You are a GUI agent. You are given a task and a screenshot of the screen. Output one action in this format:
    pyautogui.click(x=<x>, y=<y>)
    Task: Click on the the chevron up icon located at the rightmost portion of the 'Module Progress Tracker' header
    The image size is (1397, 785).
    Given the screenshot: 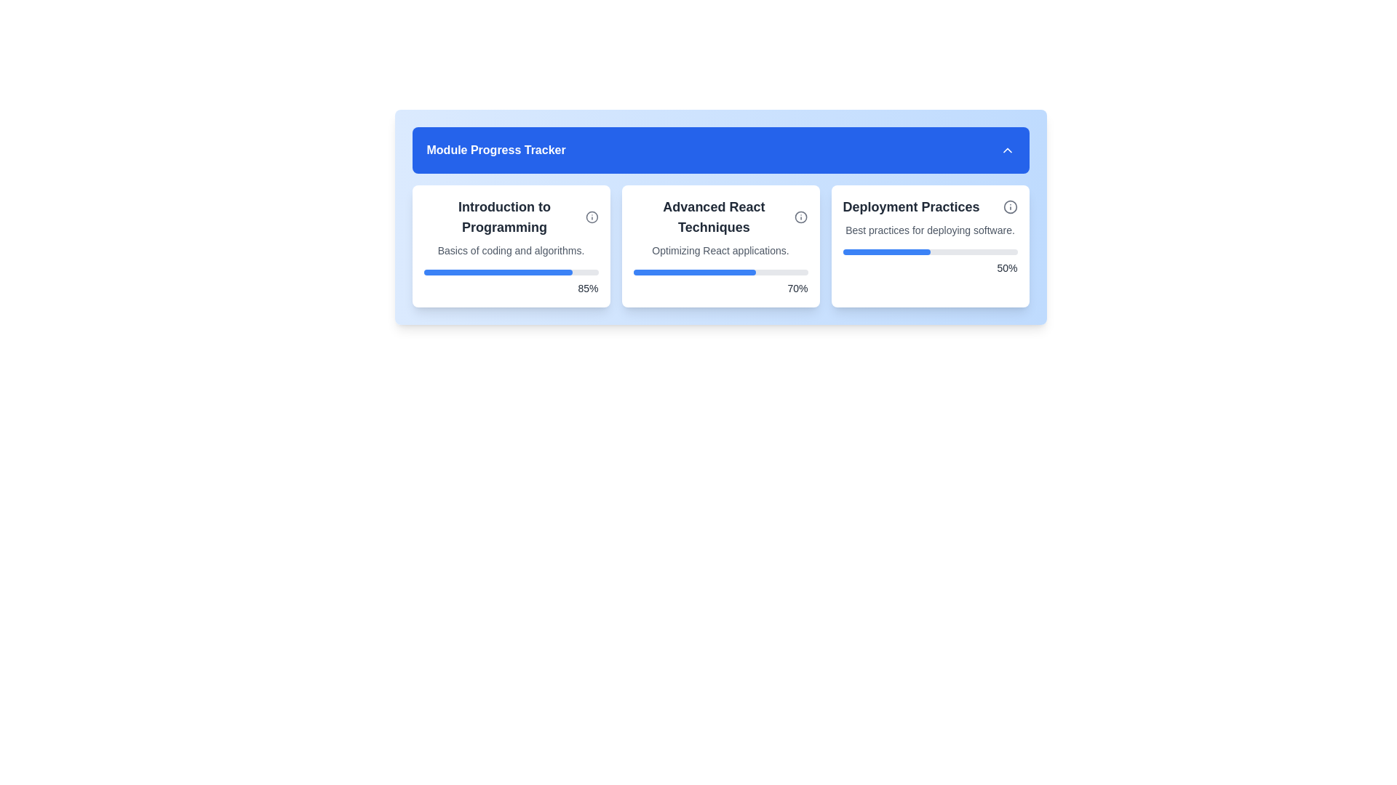 What is the action you would take?
    pyautogui.click(x=1006, y=150)
    